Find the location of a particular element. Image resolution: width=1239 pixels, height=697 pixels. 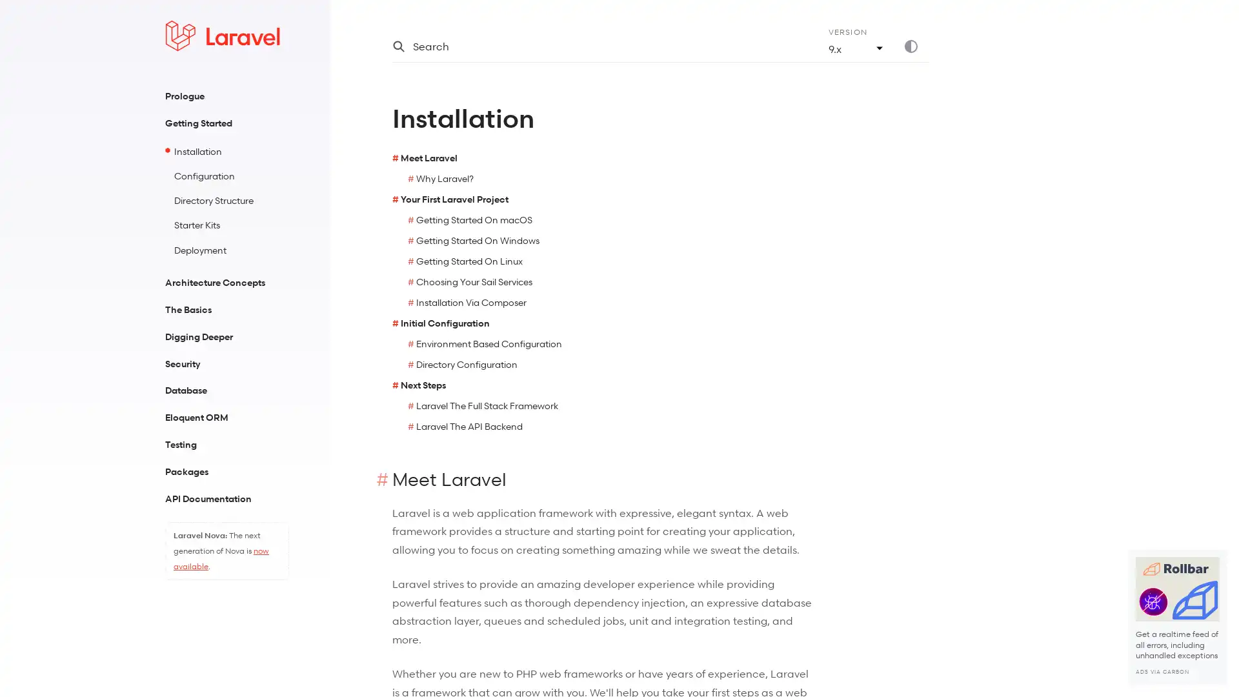

Switch to dark mode is located at coordinates (916, 46).